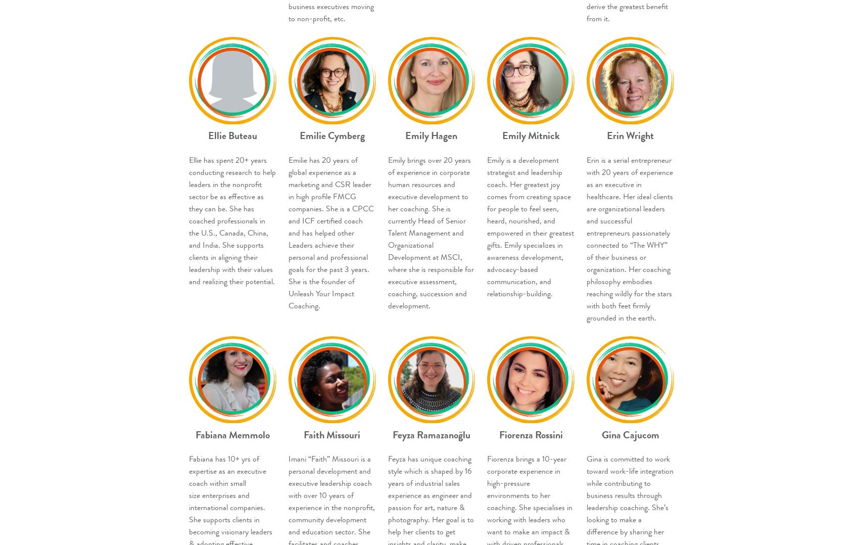 The image size is (863, 545). Describe the element at coordinates (330, 232) in the screenshot. I see `'Emilie has 20 years of global experience as a marketing and CSR leader in high profile FMCG companies. She is a CPCC and ICF certified coach and has helped other Leaders achieve their personal and professional goals for the past 3 years. She is the founder of Unleash Your Impact Coaching.'` at that location.